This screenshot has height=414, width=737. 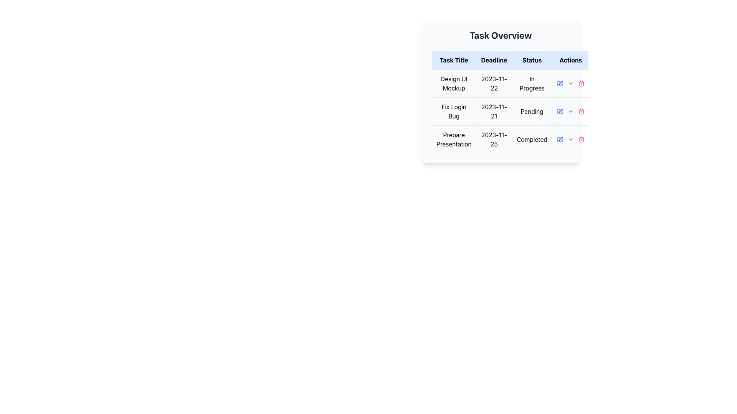 I want to click on the individual icons within the Button Group located in the fourth cell of the 'Fix Login Bug' row in the 'Actions' column, so click(x=571, y=111).